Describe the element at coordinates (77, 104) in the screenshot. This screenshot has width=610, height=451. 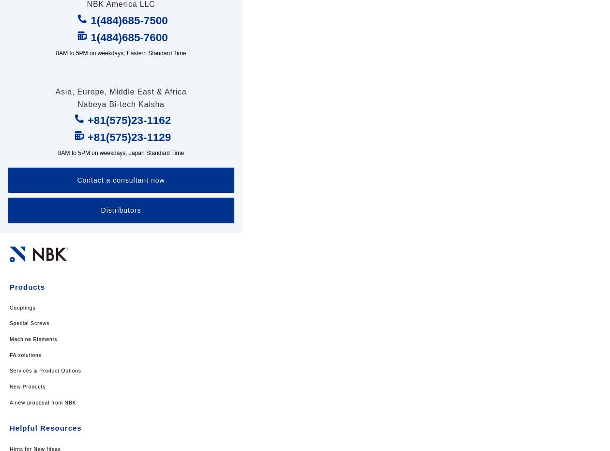
I see `'Nabeya Bi-tech Kaisha'` at that location.